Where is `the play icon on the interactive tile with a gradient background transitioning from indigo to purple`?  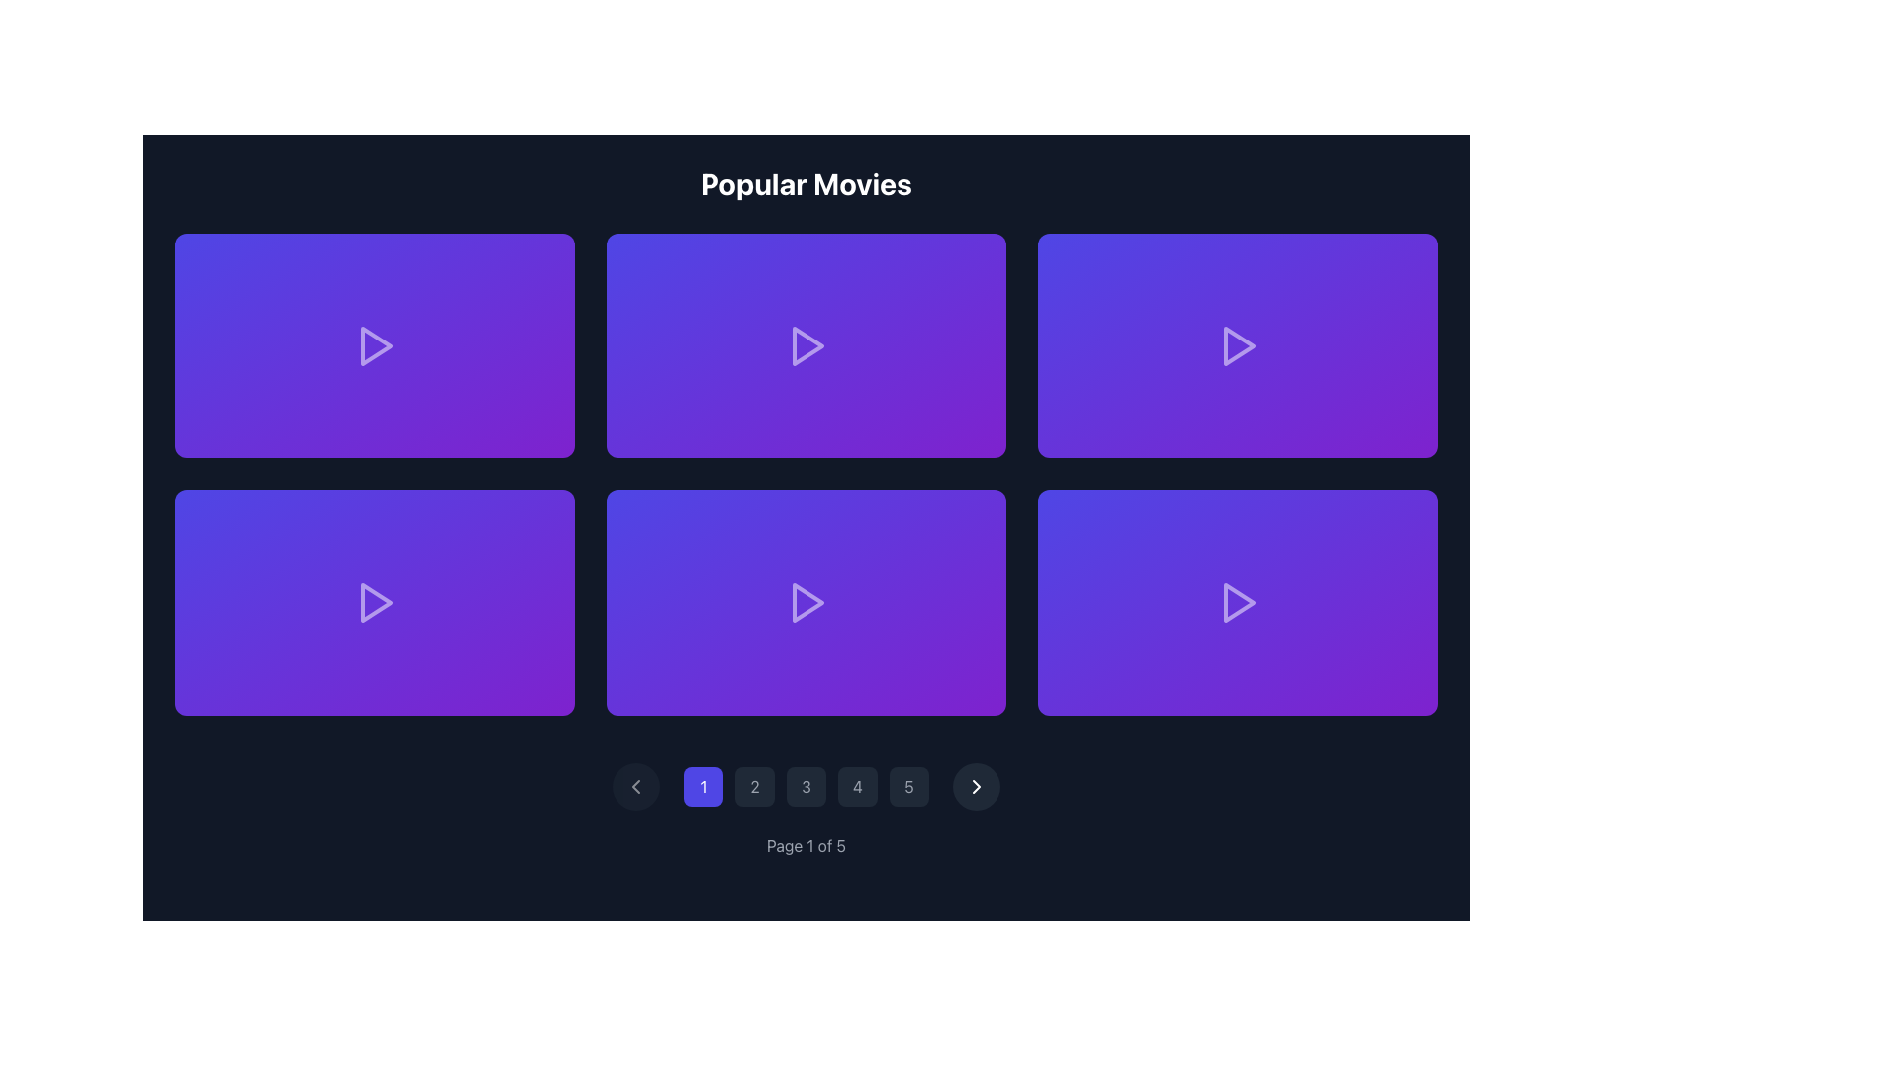
the play icon on the interactive tile with a gradient background transitioning from indigo to purple is located at coordinates (375, 343).